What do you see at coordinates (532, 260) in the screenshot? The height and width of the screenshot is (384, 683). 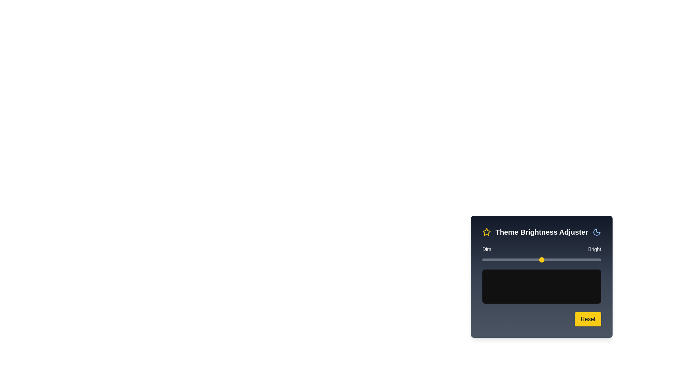 I see `the brightness slider to set the brightness to 42%` at bounding box center [532, 260].